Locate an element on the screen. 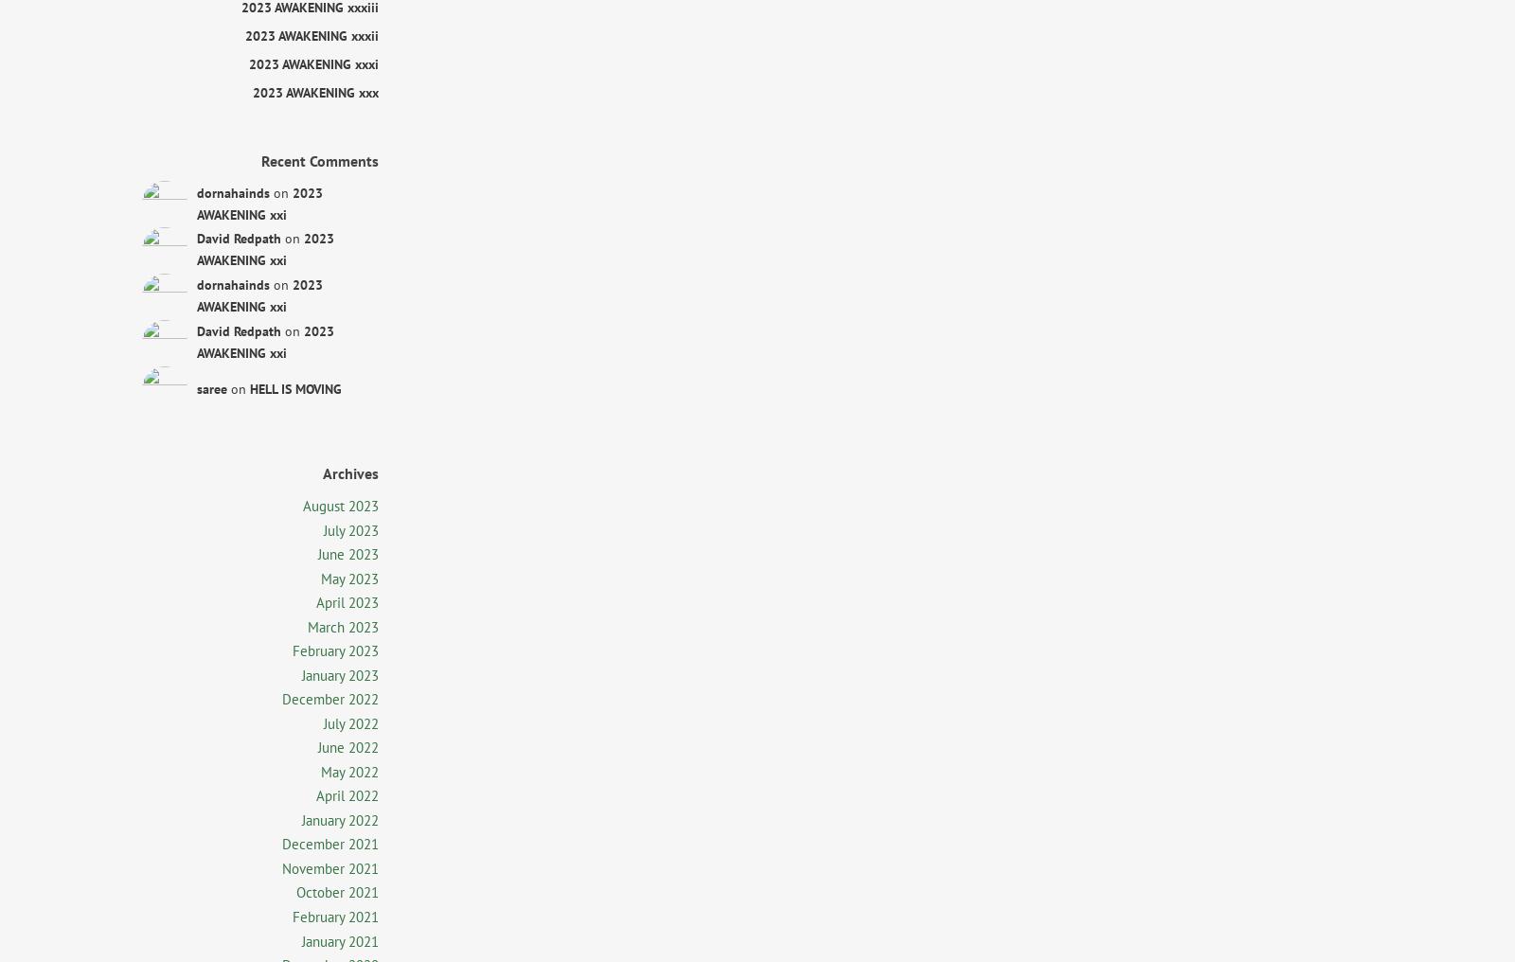 The height and width of the screenshot is (962, 1515). 'January 2022' is located at coordinates (302, 819).